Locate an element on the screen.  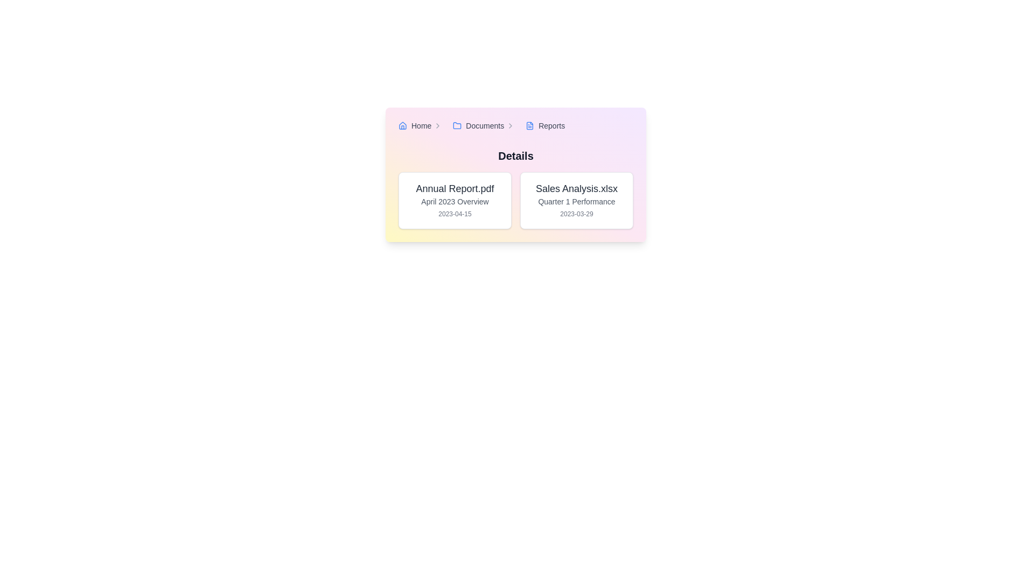
the breadcrumb navigation link that navigates to the documents section, positioned between 'Home' and 'Reports' in the header is located at coordinates (484, 125).